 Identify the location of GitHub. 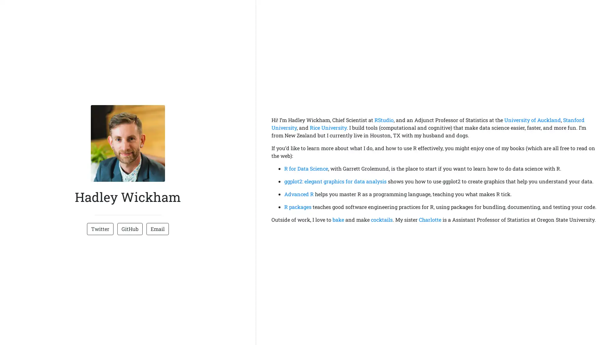
(130, 228).